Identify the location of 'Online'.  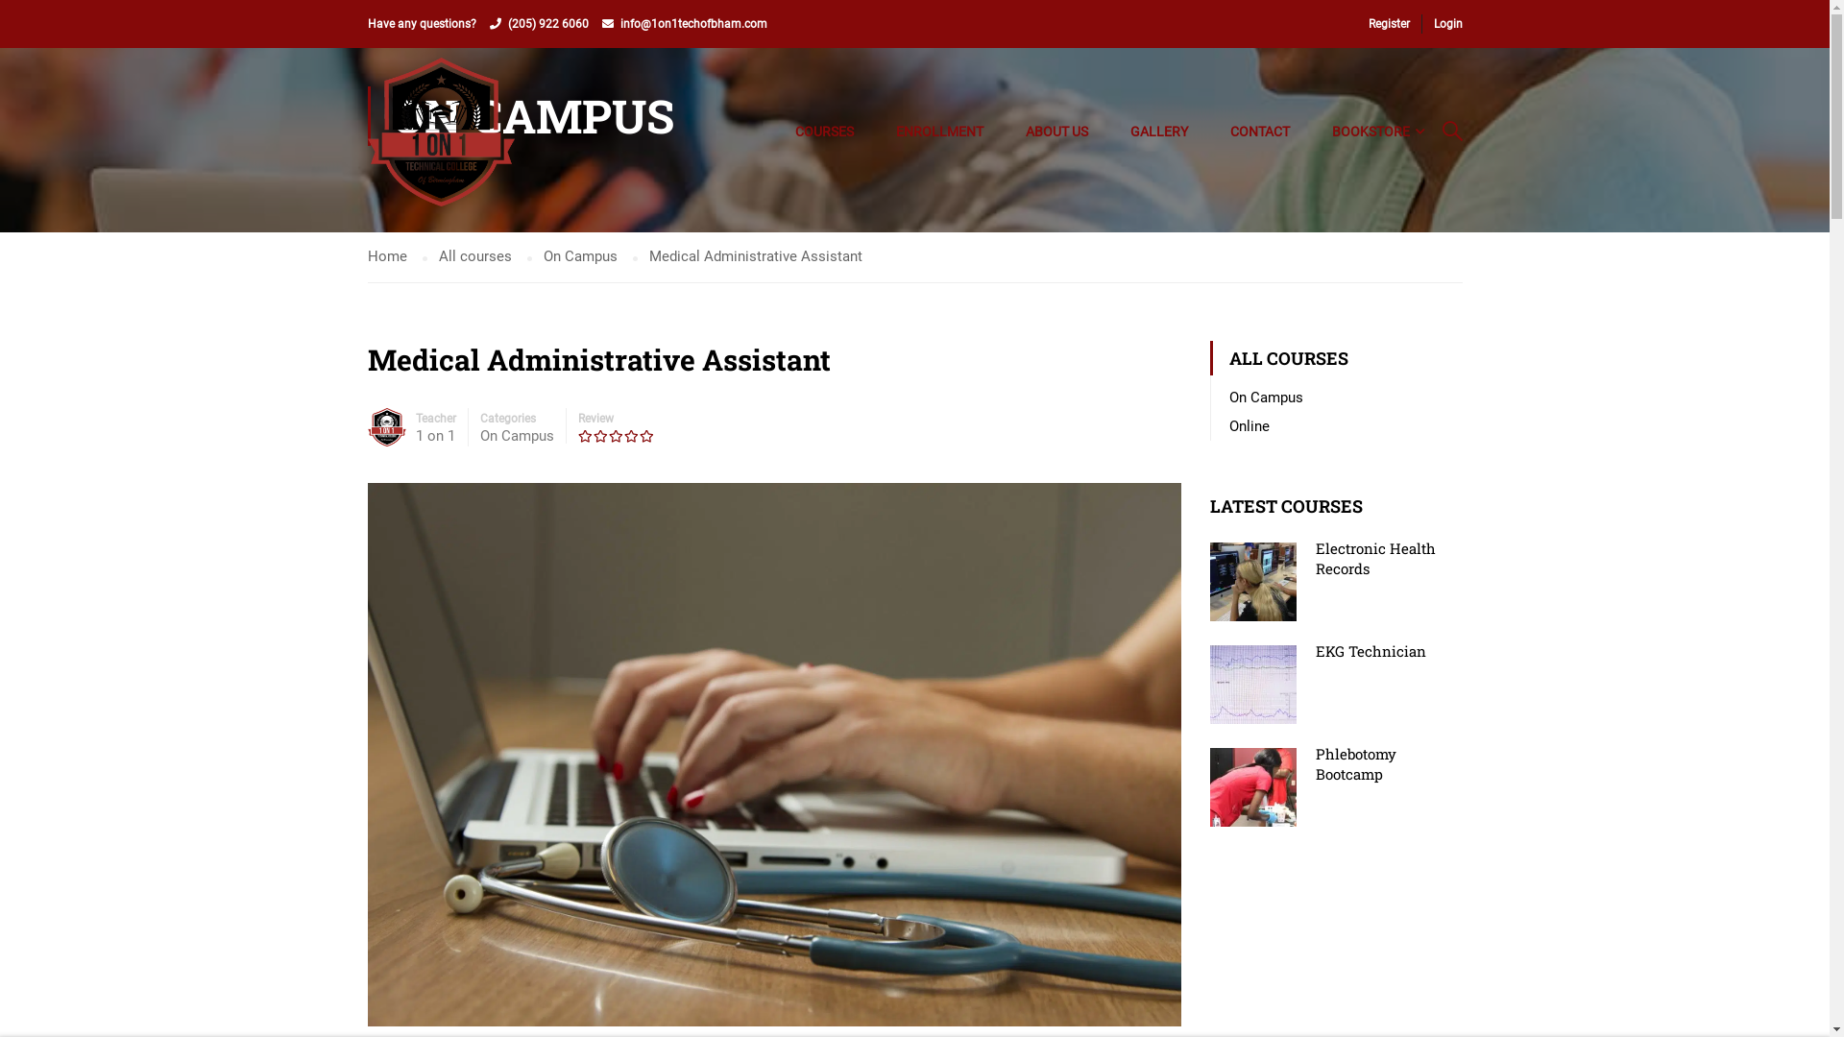
(1249, 424).